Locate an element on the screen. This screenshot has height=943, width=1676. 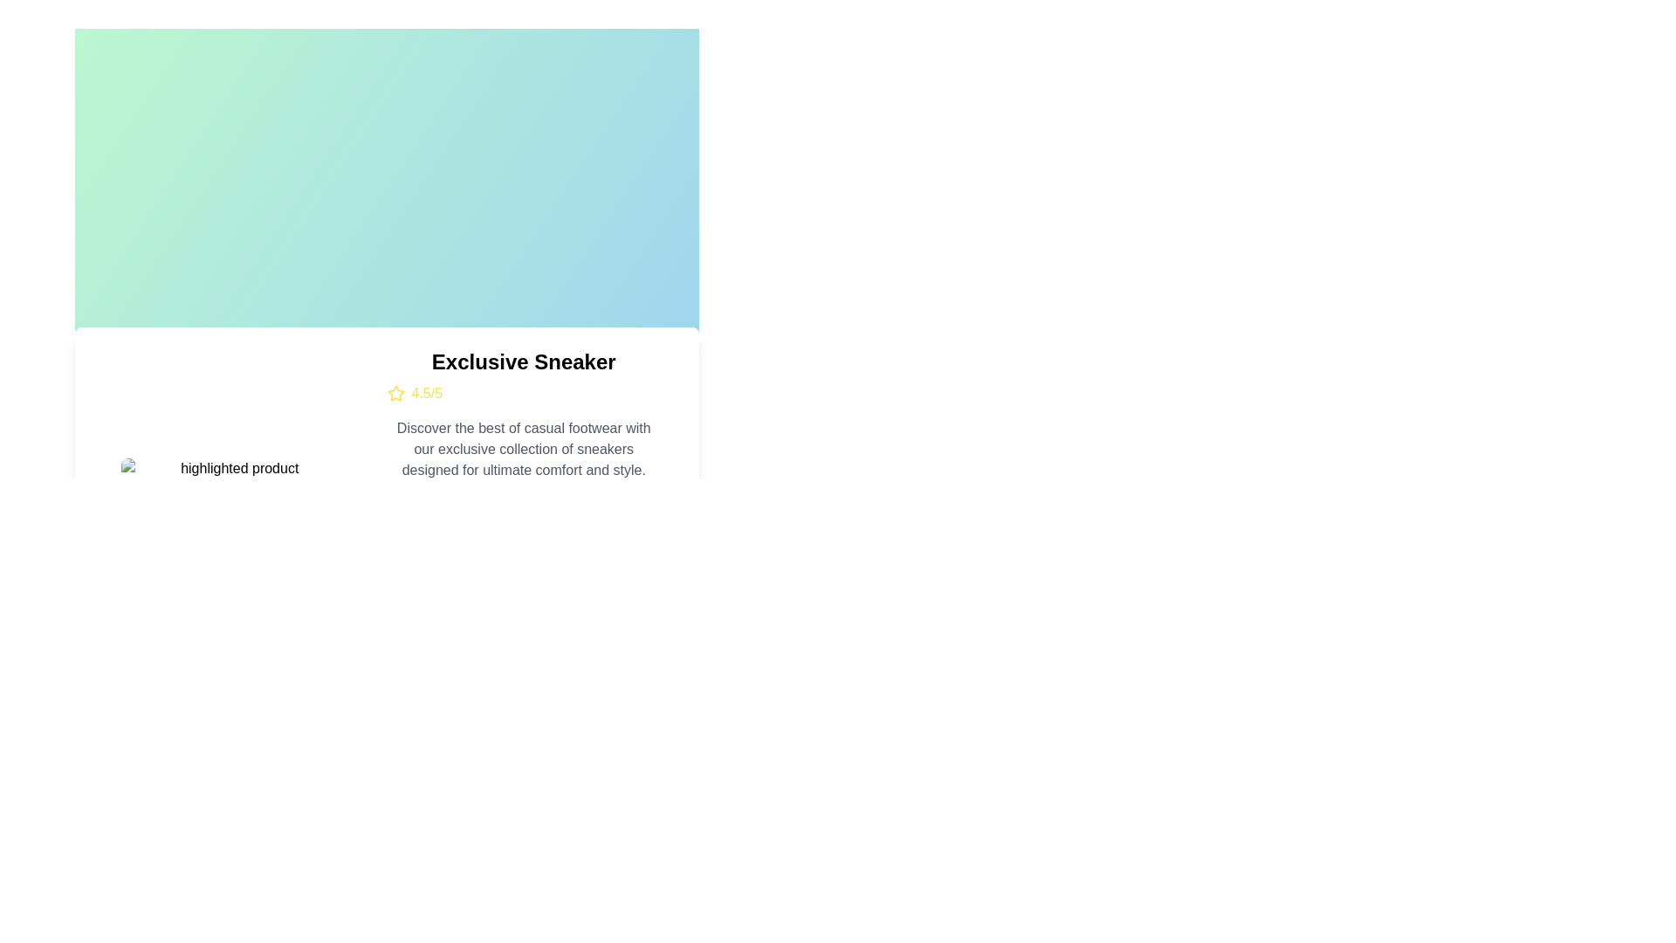
the bold black text 'Exclusive Sneaker' located at the top of the product details section is located at coordinates (523, 361).